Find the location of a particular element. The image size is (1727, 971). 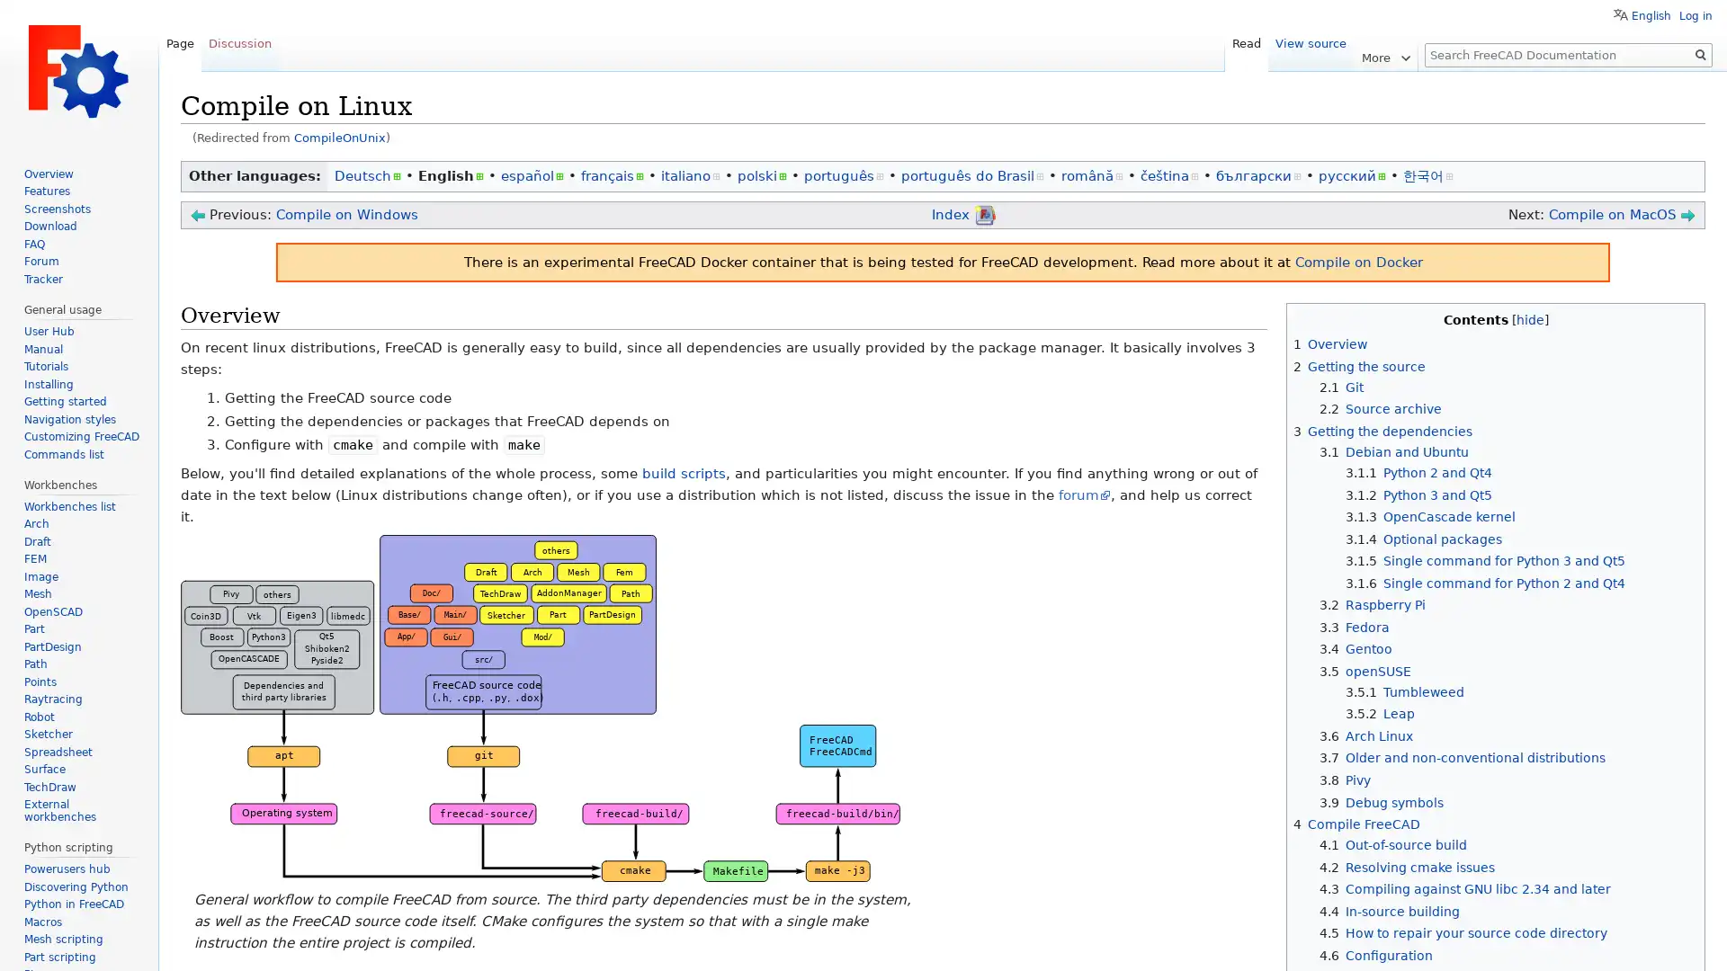

Go is located at coordinates (1700, 54).